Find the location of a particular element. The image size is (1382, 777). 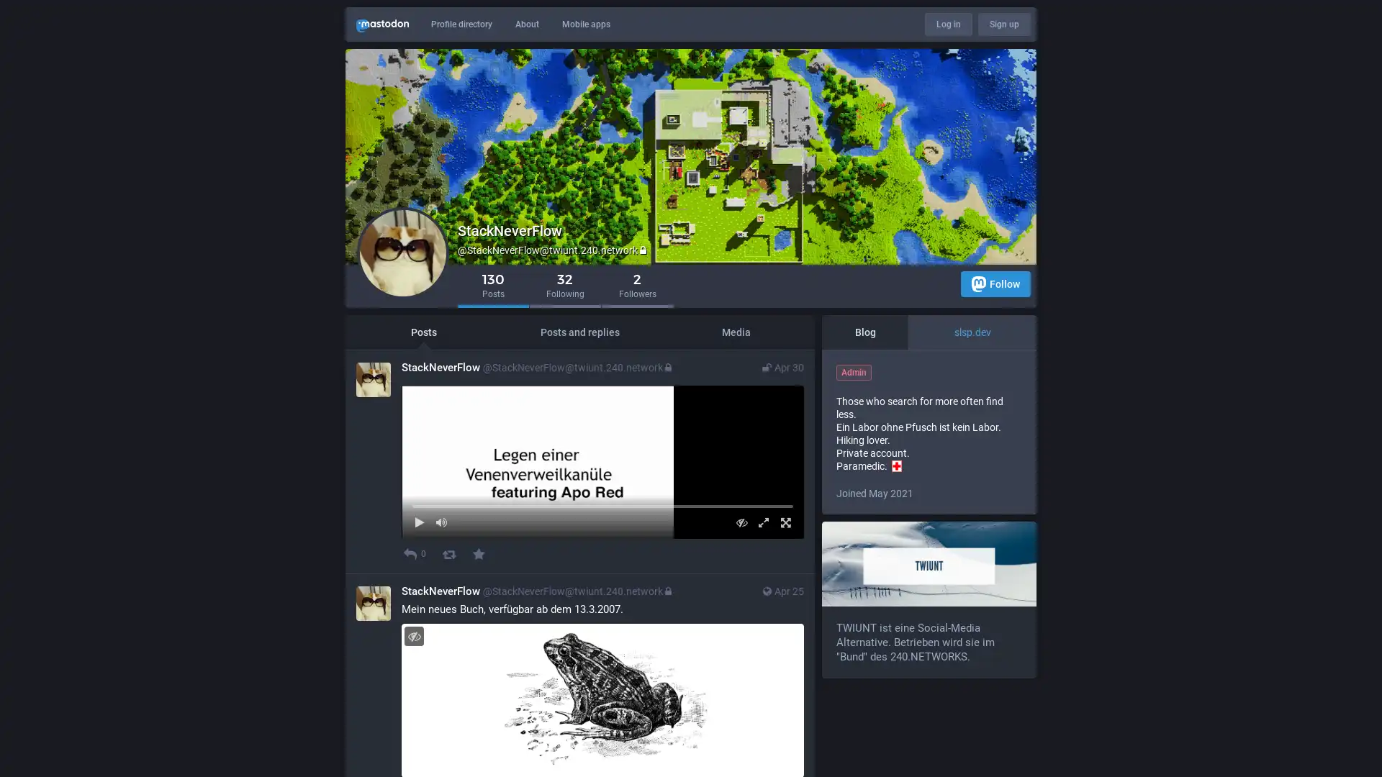

Full screen is located at coordinates (785, 595).